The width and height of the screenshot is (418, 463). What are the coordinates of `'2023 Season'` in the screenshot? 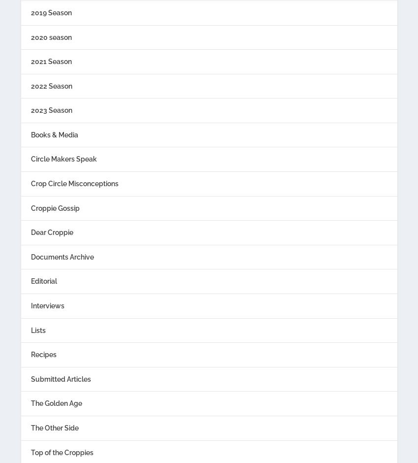 It's located at (51, 110).